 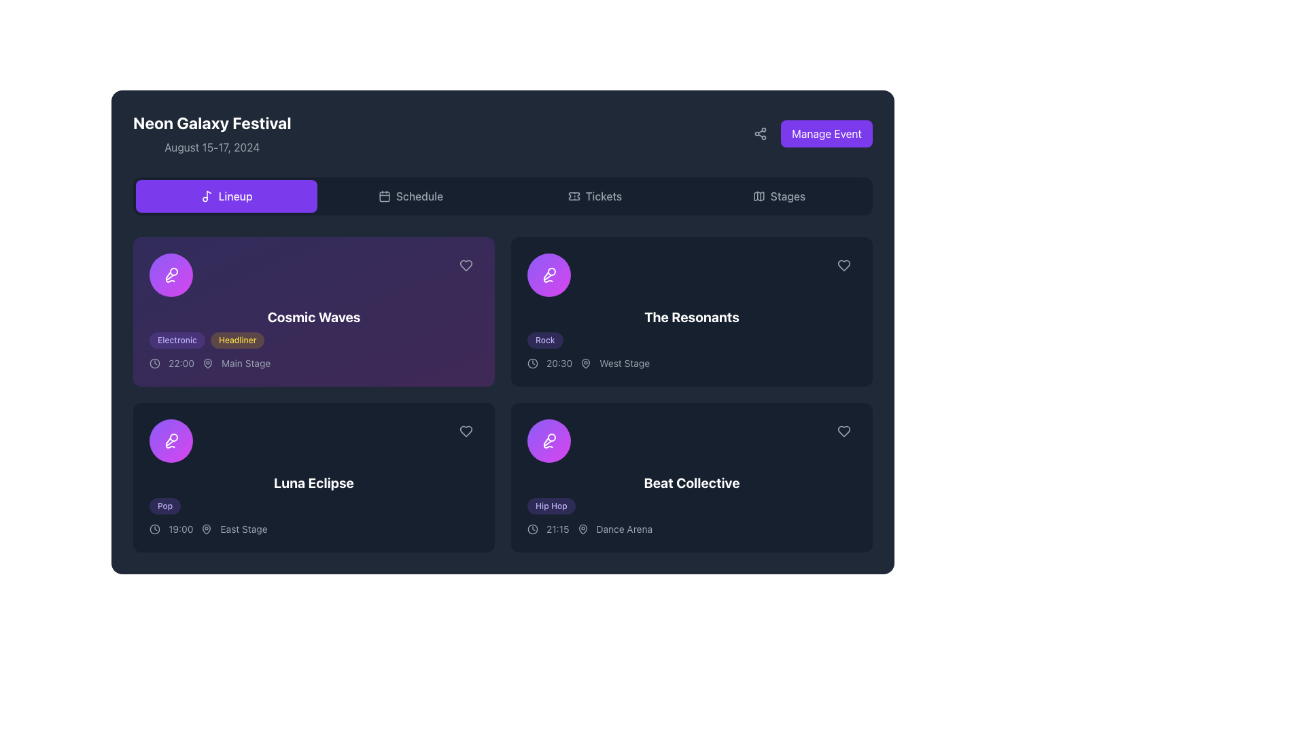 I want to click on the clock icon located to the left of the time '21:15' in the '21:15 Dance Arena' text block within the 'Beat Collective' schedule information, so click(x=532, y=529).